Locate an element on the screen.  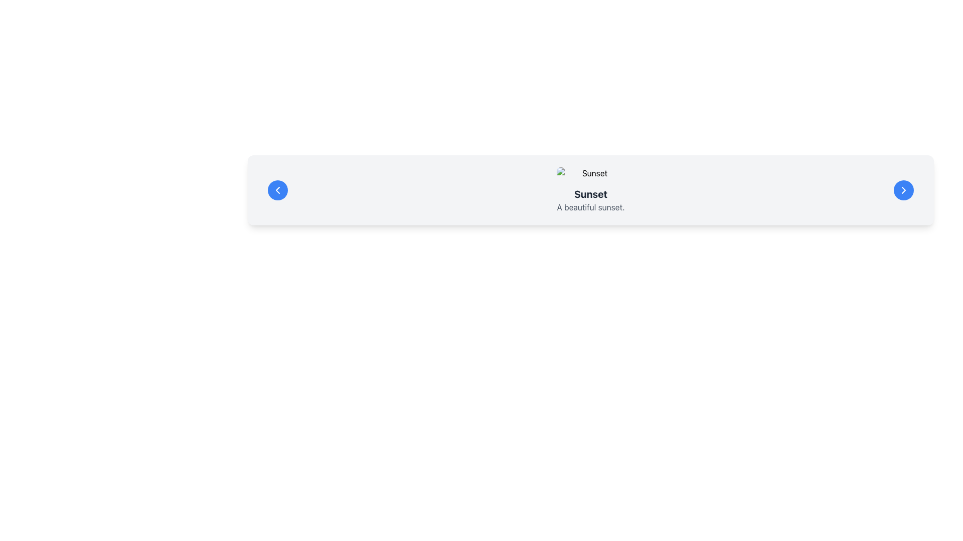
the text element reading 'A beautiful sunset.' which is styled in gray and positioned under the title 'Sunset' is located at coordinates (590, 206).